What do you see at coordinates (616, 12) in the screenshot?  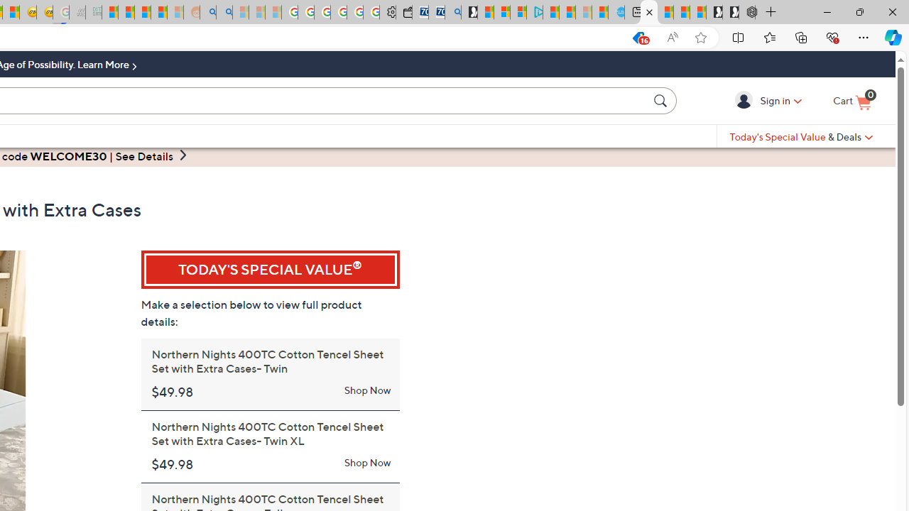 I see `'Home | Sky Blue Bikes - Sky Blue Bikes'` at bounding box center [616, 12].